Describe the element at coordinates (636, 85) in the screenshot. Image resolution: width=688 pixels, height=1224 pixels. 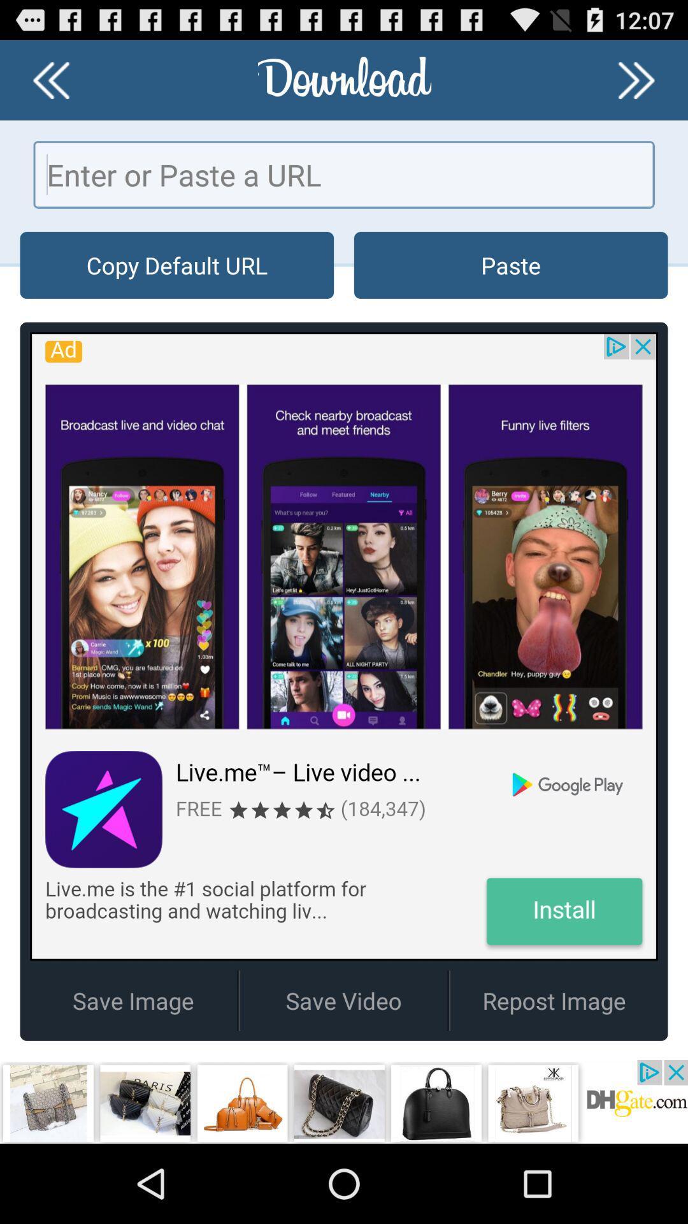
I see `the av_forward icon` at that location.